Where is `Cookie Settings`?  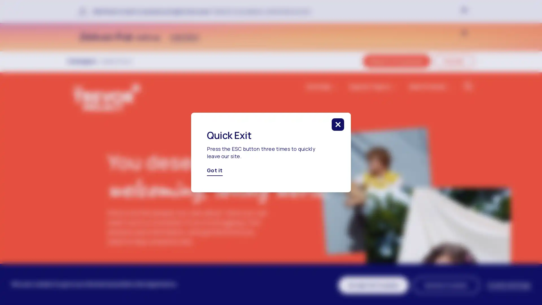
Cookie Settings is located at coordinates (509, 285).